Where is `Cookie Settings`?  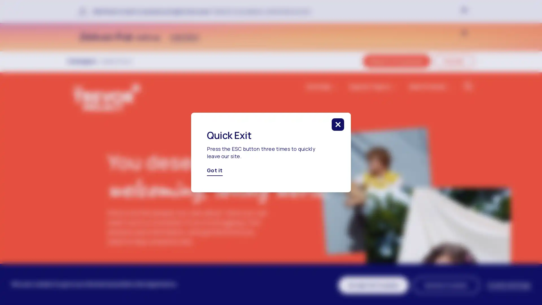
Cookie Settings is located at coordinates (509, 285).